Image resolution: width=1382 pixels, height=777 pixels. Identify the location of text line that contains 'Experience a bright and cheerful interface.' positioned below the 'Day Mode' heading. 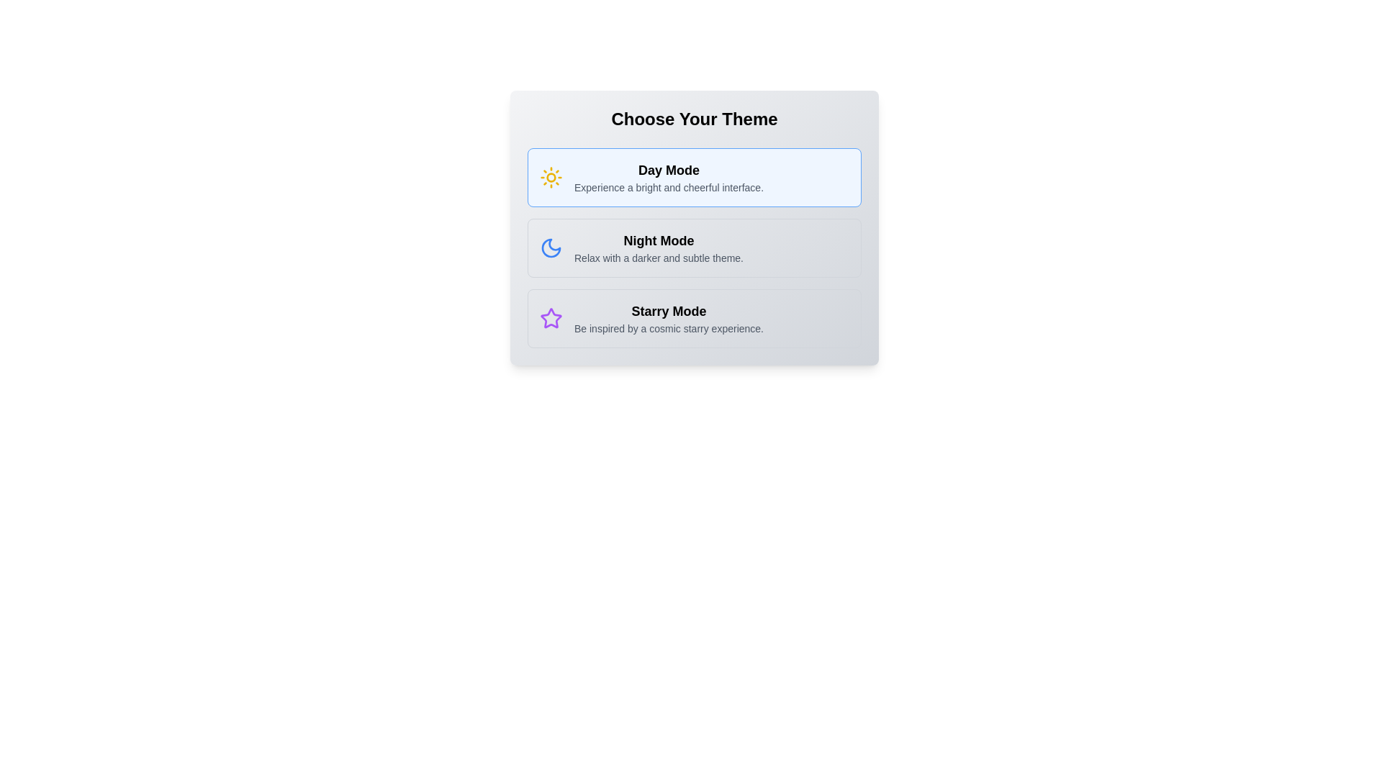
(668, 187).